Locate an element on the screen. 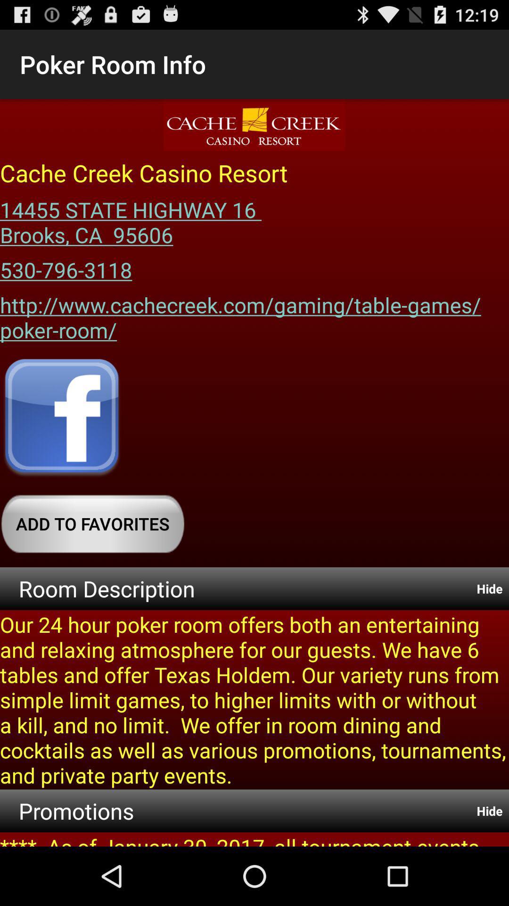  14455 state highway item is located at coordinates (134, 218).